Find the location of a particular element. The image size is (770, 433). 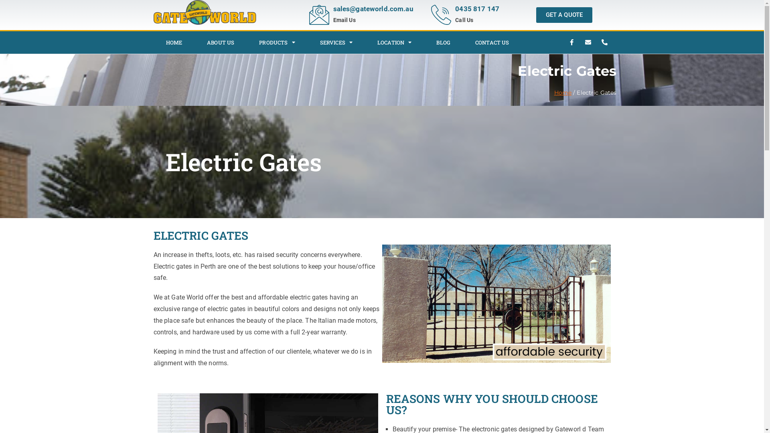

'LOCATION' is located at coordinates (394, 42).